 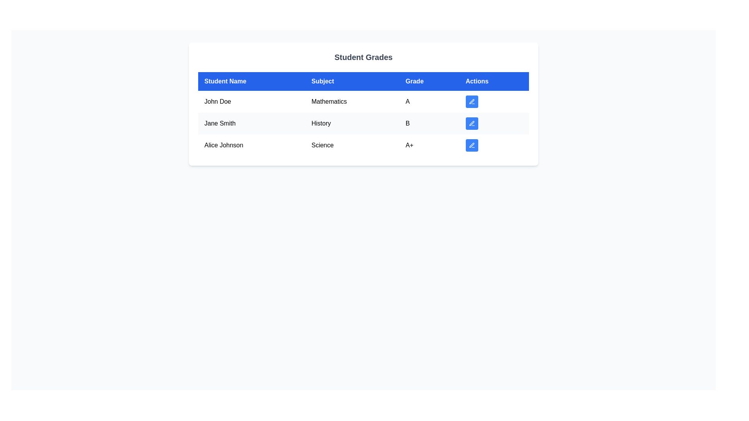 I want to click on the first row of the table containing the name 'John Doe', subject 'Mathematics', grade 'A', and an action button with a blue background to expand details, so click(x=363, y=101).